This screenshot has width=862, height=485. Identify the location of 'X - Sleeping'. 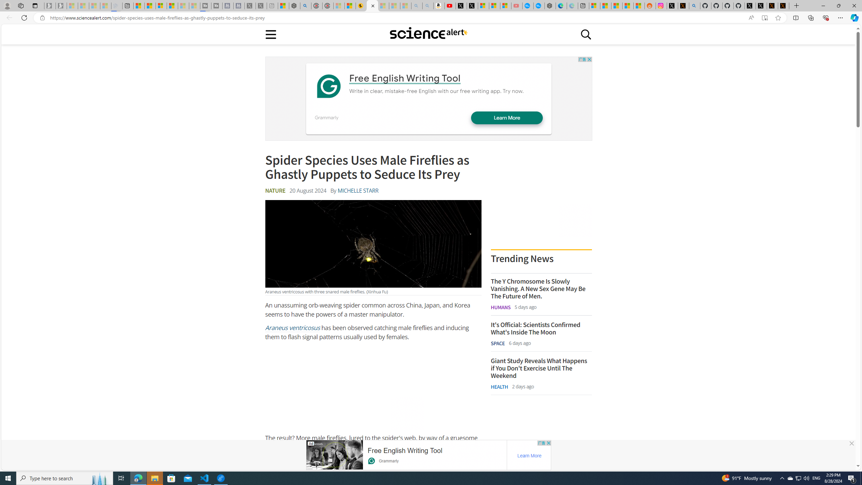
(261, 5).